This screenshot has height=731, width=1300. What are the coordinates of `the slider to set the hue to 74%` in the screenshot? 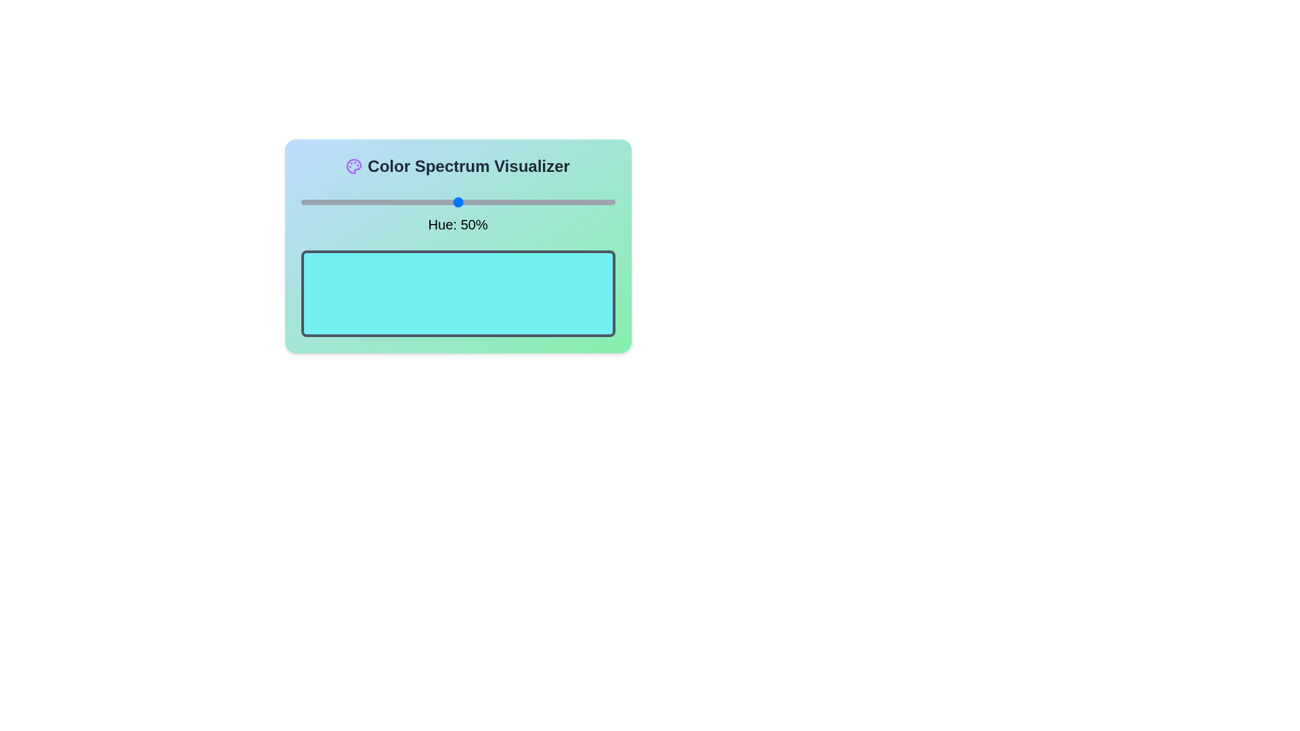 It's located at (532, 202).